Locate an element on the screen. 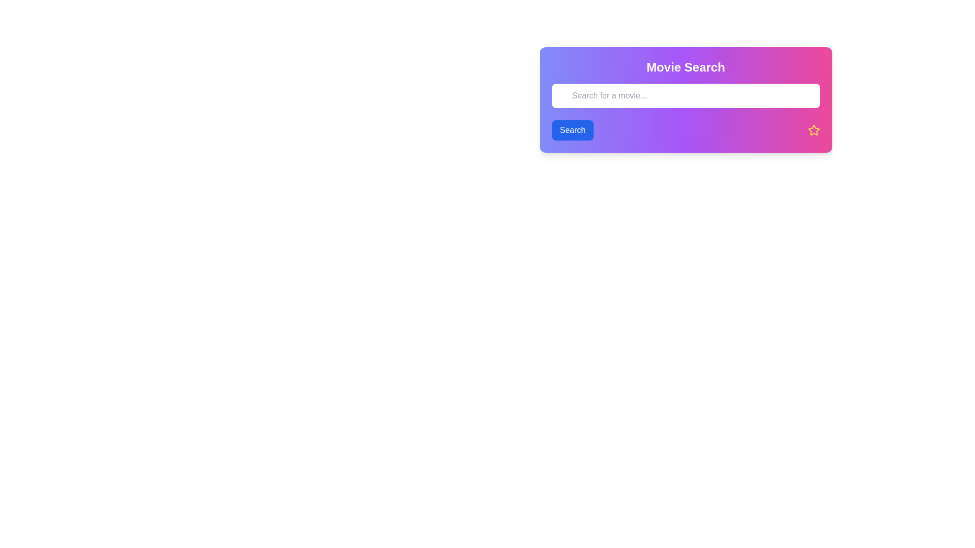 This screenshot has width=975, height=548. the rectangular 'Search' button with a blue background and white text to change its background color to a darker blue is located at coordinates (572, 130).